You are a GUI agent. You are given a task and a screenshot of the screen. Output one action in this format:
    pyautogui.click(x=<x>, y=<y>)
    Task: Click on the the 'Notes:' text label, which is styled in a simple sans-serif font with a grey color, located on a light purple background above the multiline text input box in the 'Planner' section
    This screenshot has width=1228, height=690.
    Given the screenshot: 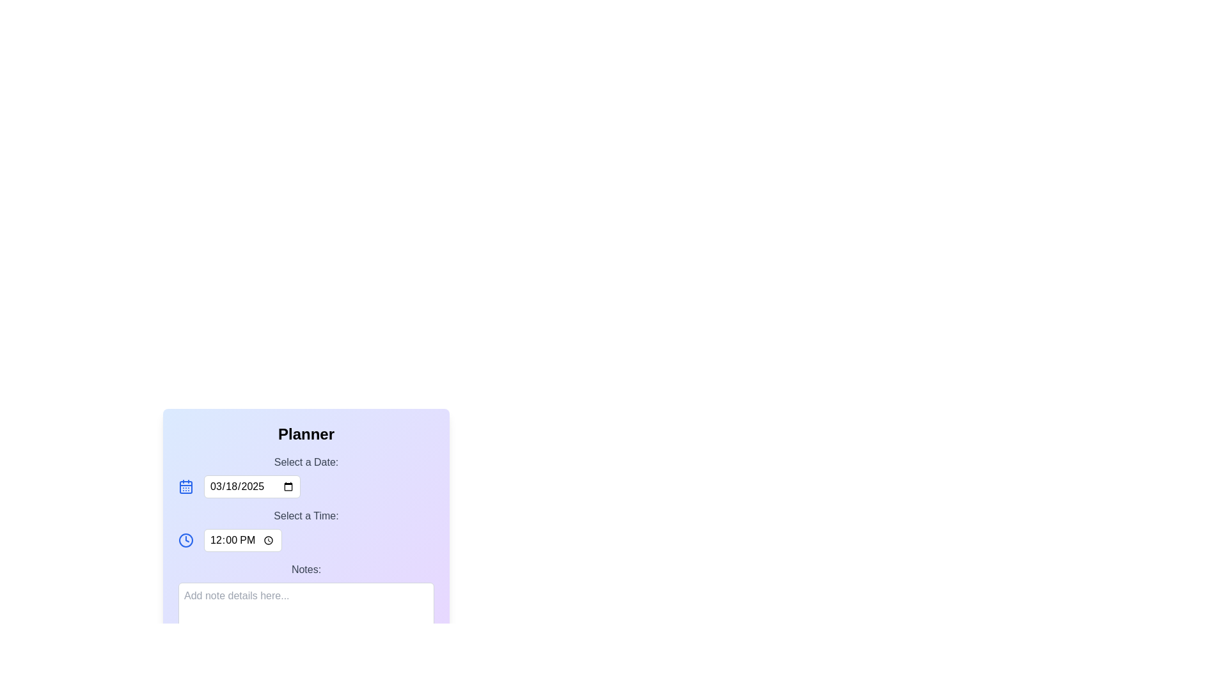 What is the action you would take?
    pyautogui.click(x=306, y=569)
    